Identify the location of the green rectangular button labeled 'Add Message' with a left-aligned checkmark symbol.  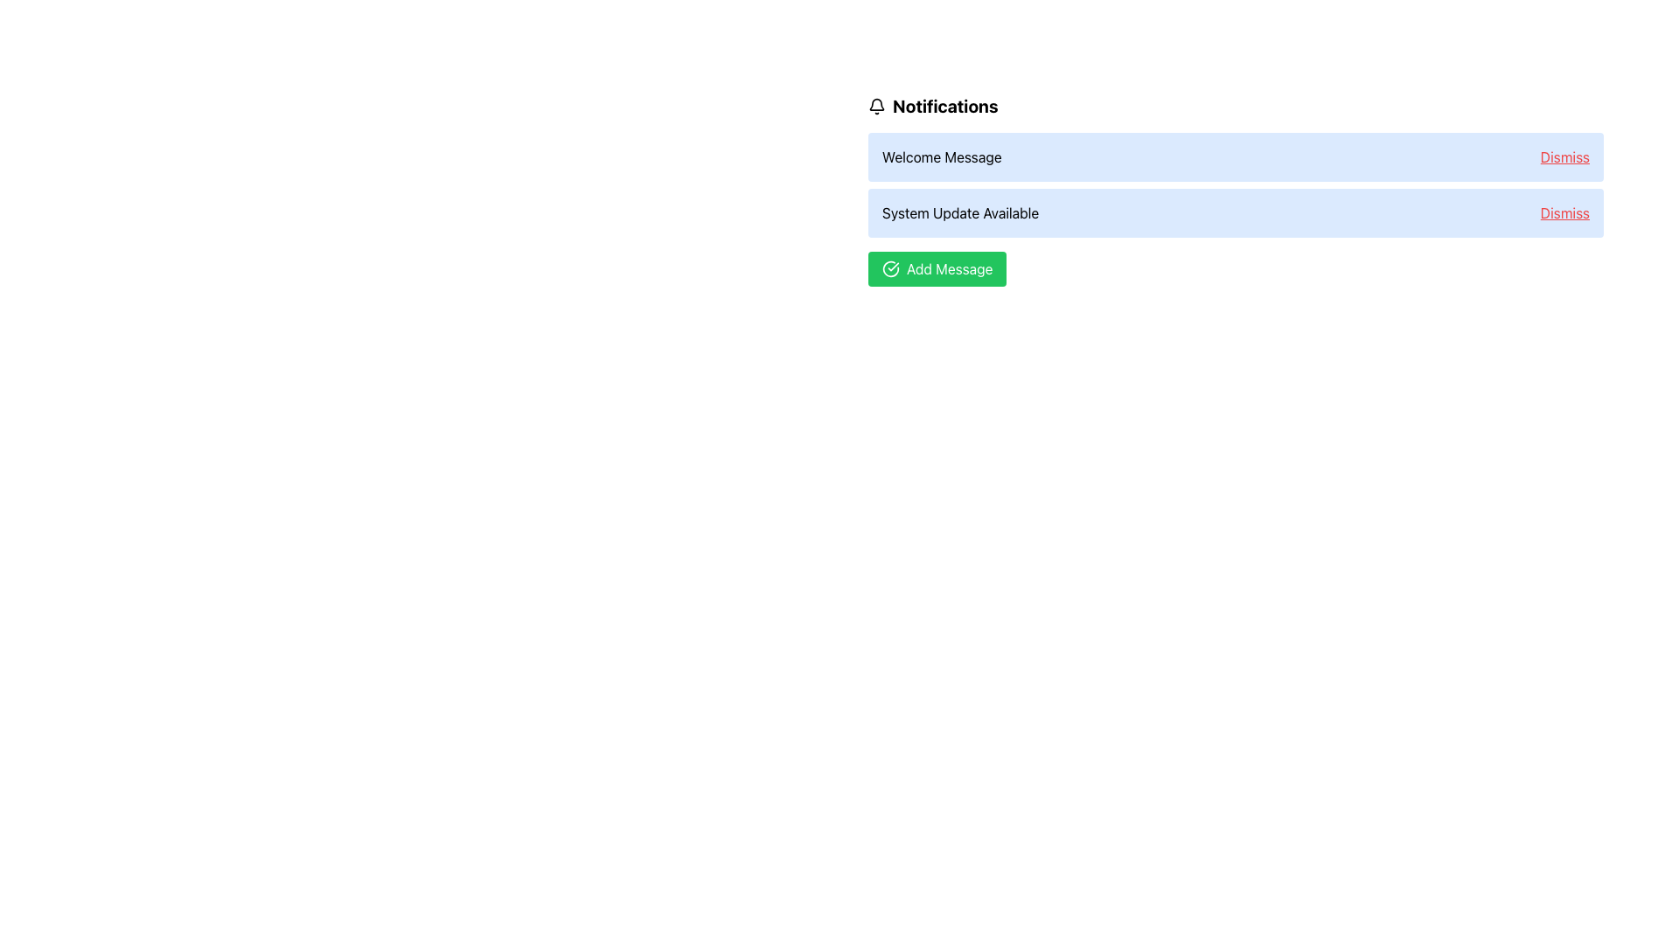
(936, 269).